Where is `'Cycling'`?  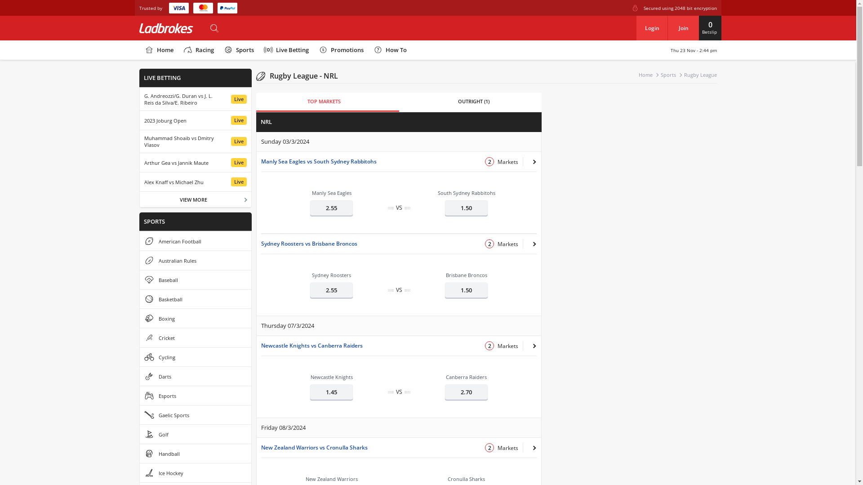
'Cycling' is located at coordinates (195, 356).